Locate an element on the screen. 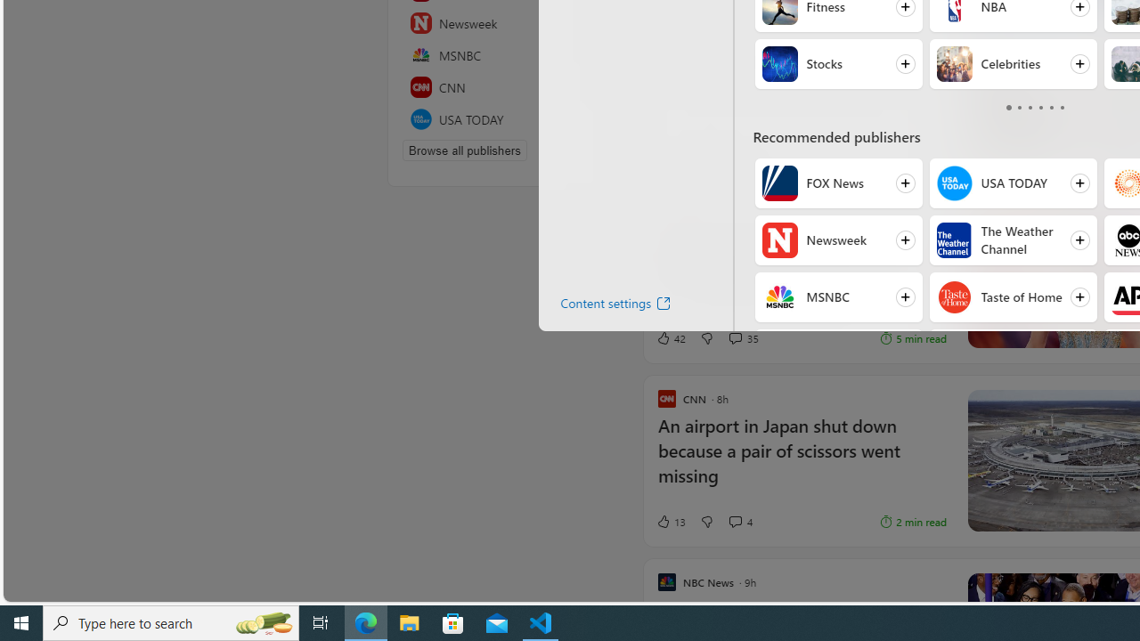 The width and height of the screenshot is (1140, 641). 'MSNBC' is located at coordinates (779, 296).